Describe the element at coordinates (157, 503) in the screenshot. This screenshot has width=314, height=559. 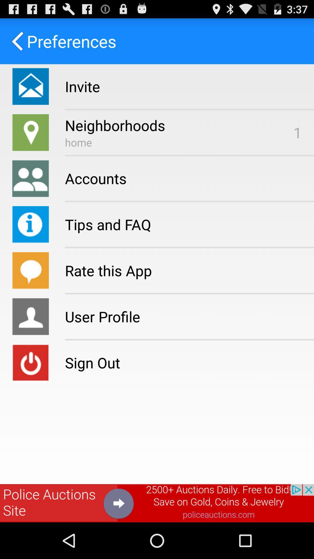
I see `click add` at that location.